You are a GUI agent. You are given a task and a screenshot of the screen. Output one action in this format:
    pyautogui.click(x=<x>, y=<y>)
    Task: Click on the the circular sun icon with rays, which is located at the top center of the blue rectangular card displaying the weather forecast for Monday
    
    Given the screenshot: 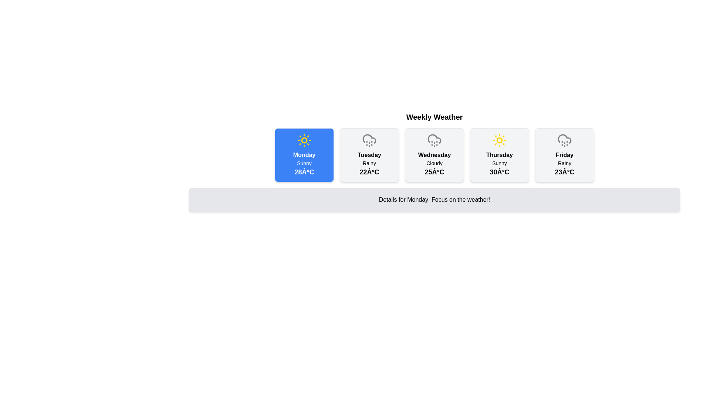 What is the action you would take?
    pyautogui.click(x=304, y=140)
    